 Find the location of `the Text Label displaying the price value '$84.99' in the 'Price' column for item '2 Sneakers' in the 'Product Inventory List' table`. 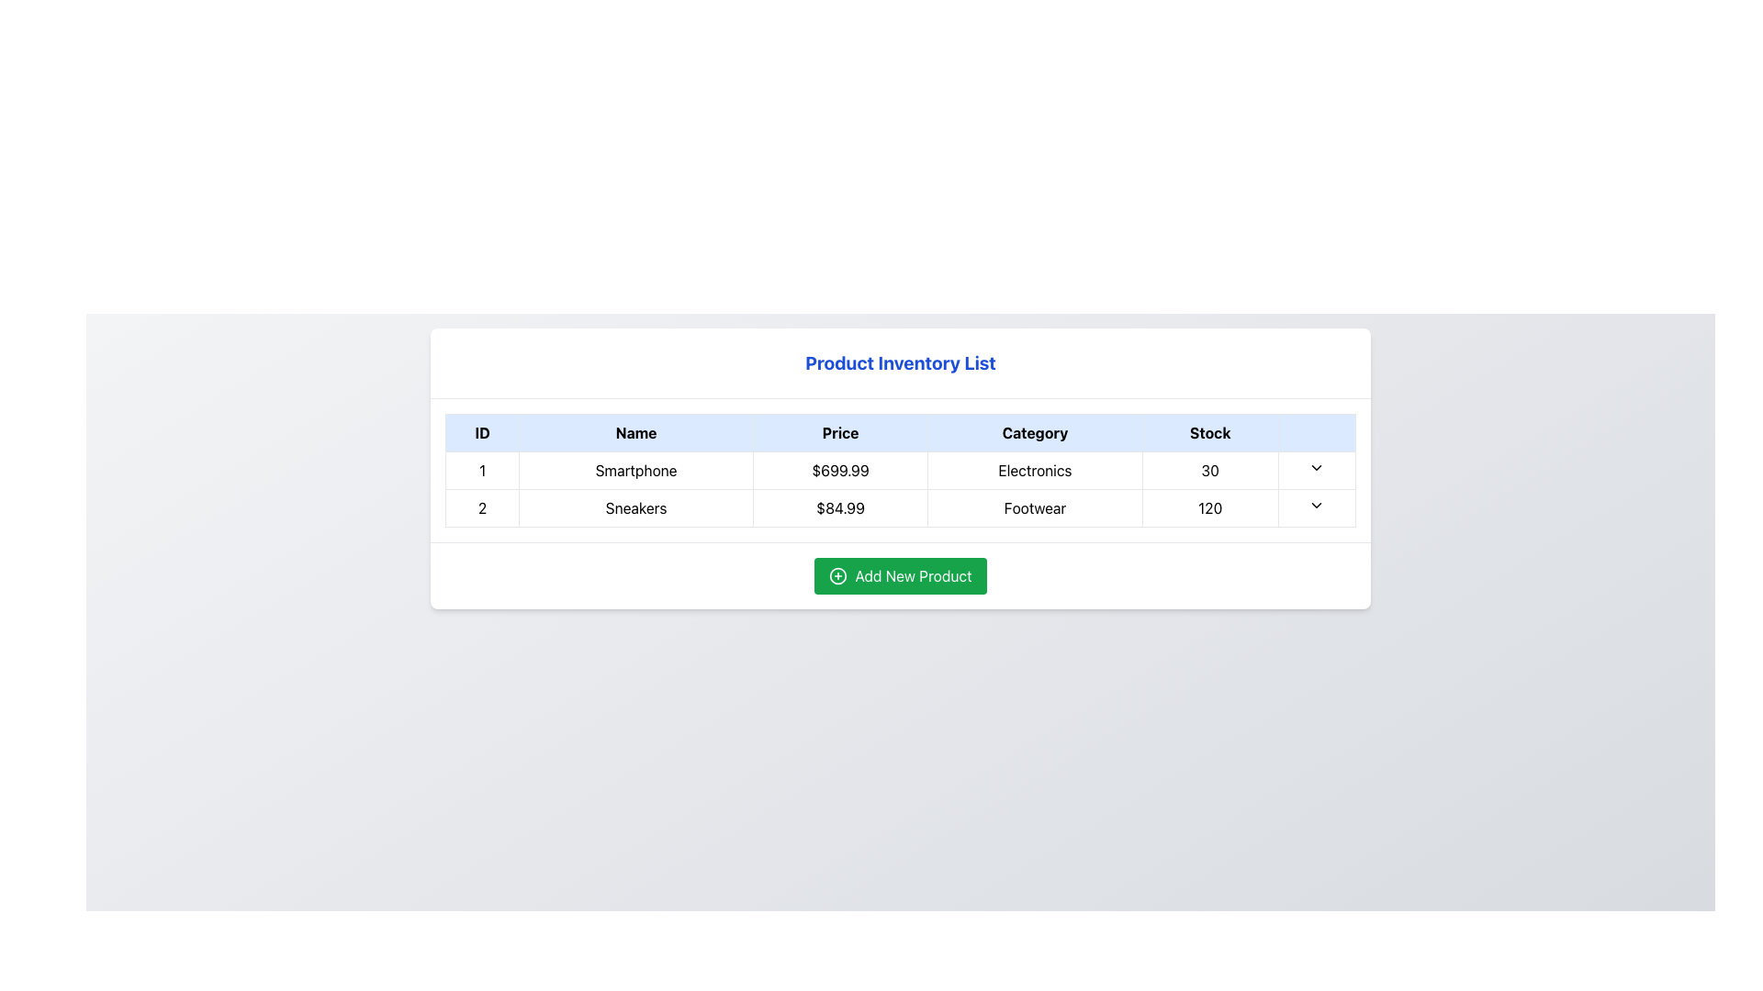

the Text Label displaying the price value '$84.99' in the 'Price' column for item '2 Sneakers' in the 'Product Inventory List' table is located at coordinates (839, 508).